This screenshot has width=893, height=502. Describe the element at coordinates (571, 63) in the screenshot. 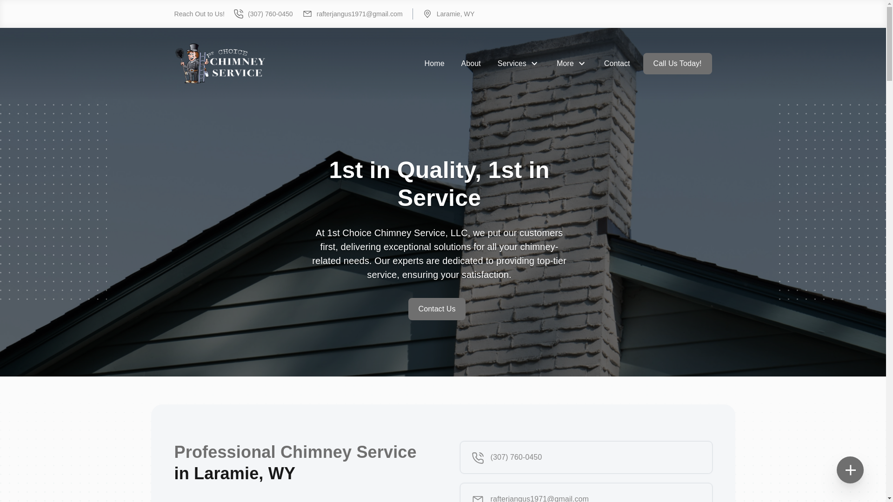

I see `'More'` at that location.